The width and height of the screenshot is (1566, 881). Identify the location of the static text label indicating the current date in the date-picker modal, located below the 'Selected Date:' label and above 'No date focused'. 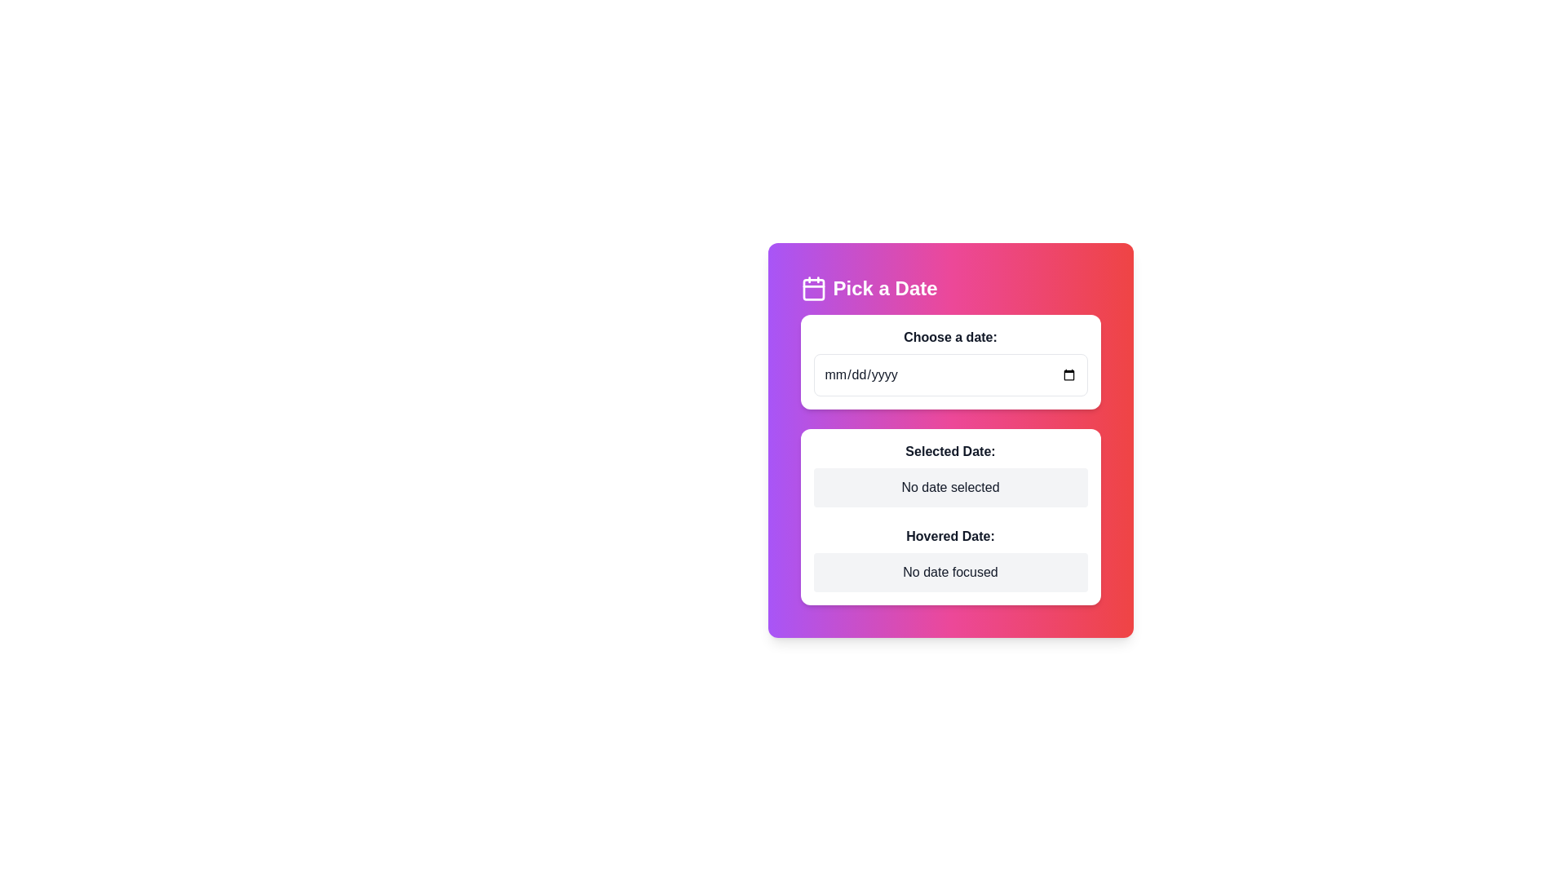
(950, 537).